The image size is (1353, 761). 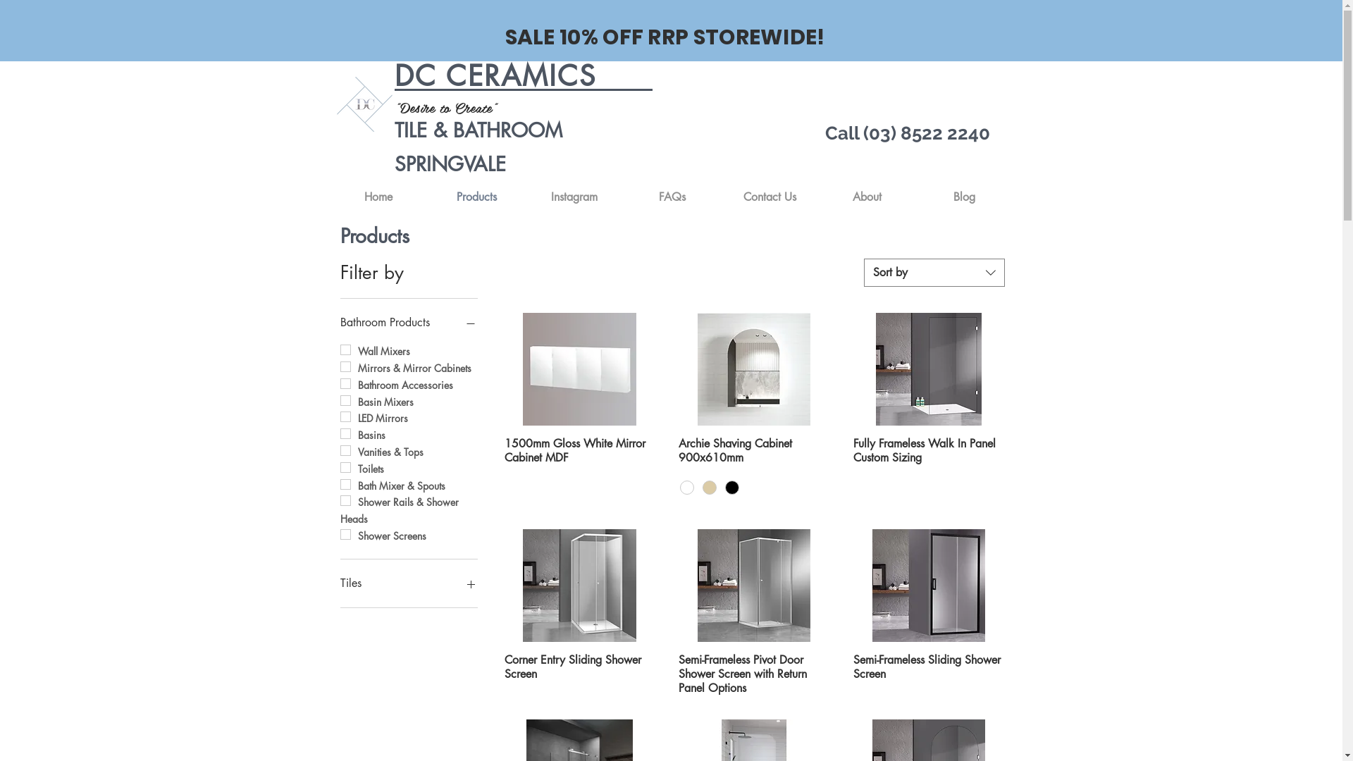 I want to click on 'Home', so click(x=378, y=197).